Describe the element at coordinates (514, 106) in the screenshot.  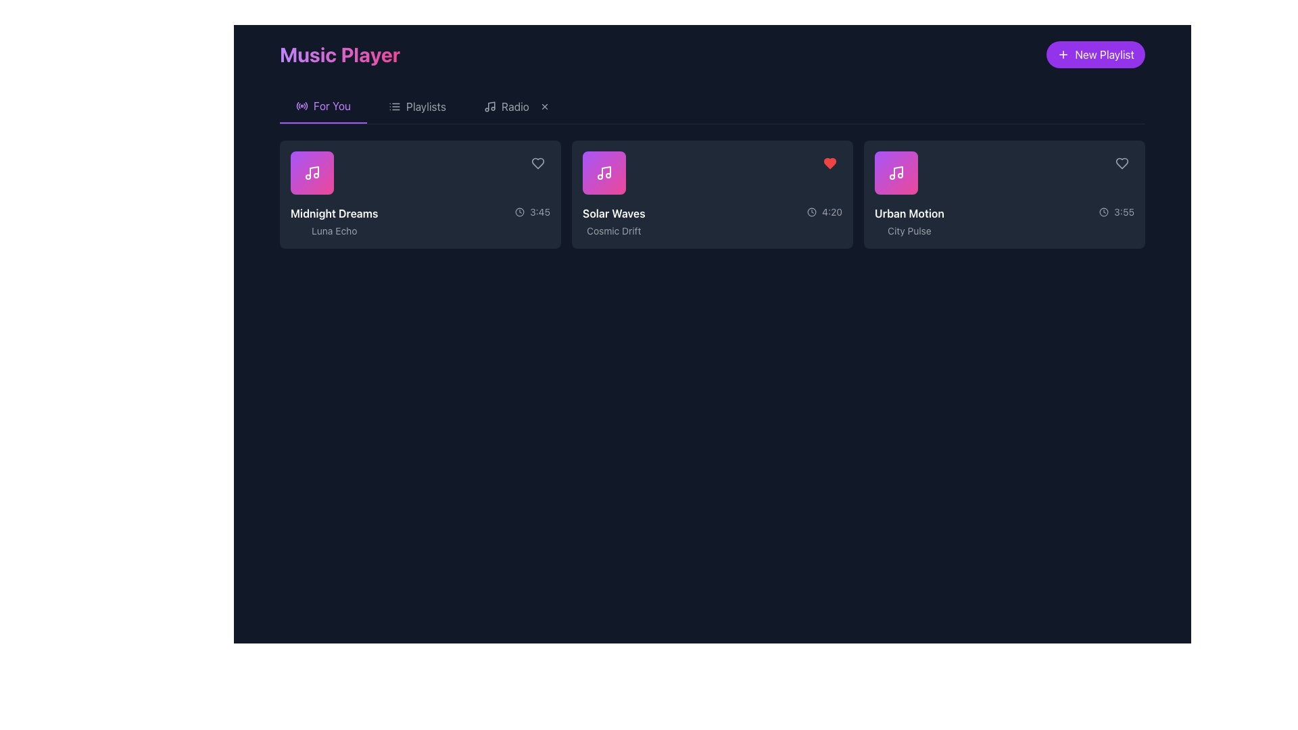
I see `the static text label displaying 'Radio' in light gray color, located in the navigation bar between the musical note icon and the 'X' icon` at that location.